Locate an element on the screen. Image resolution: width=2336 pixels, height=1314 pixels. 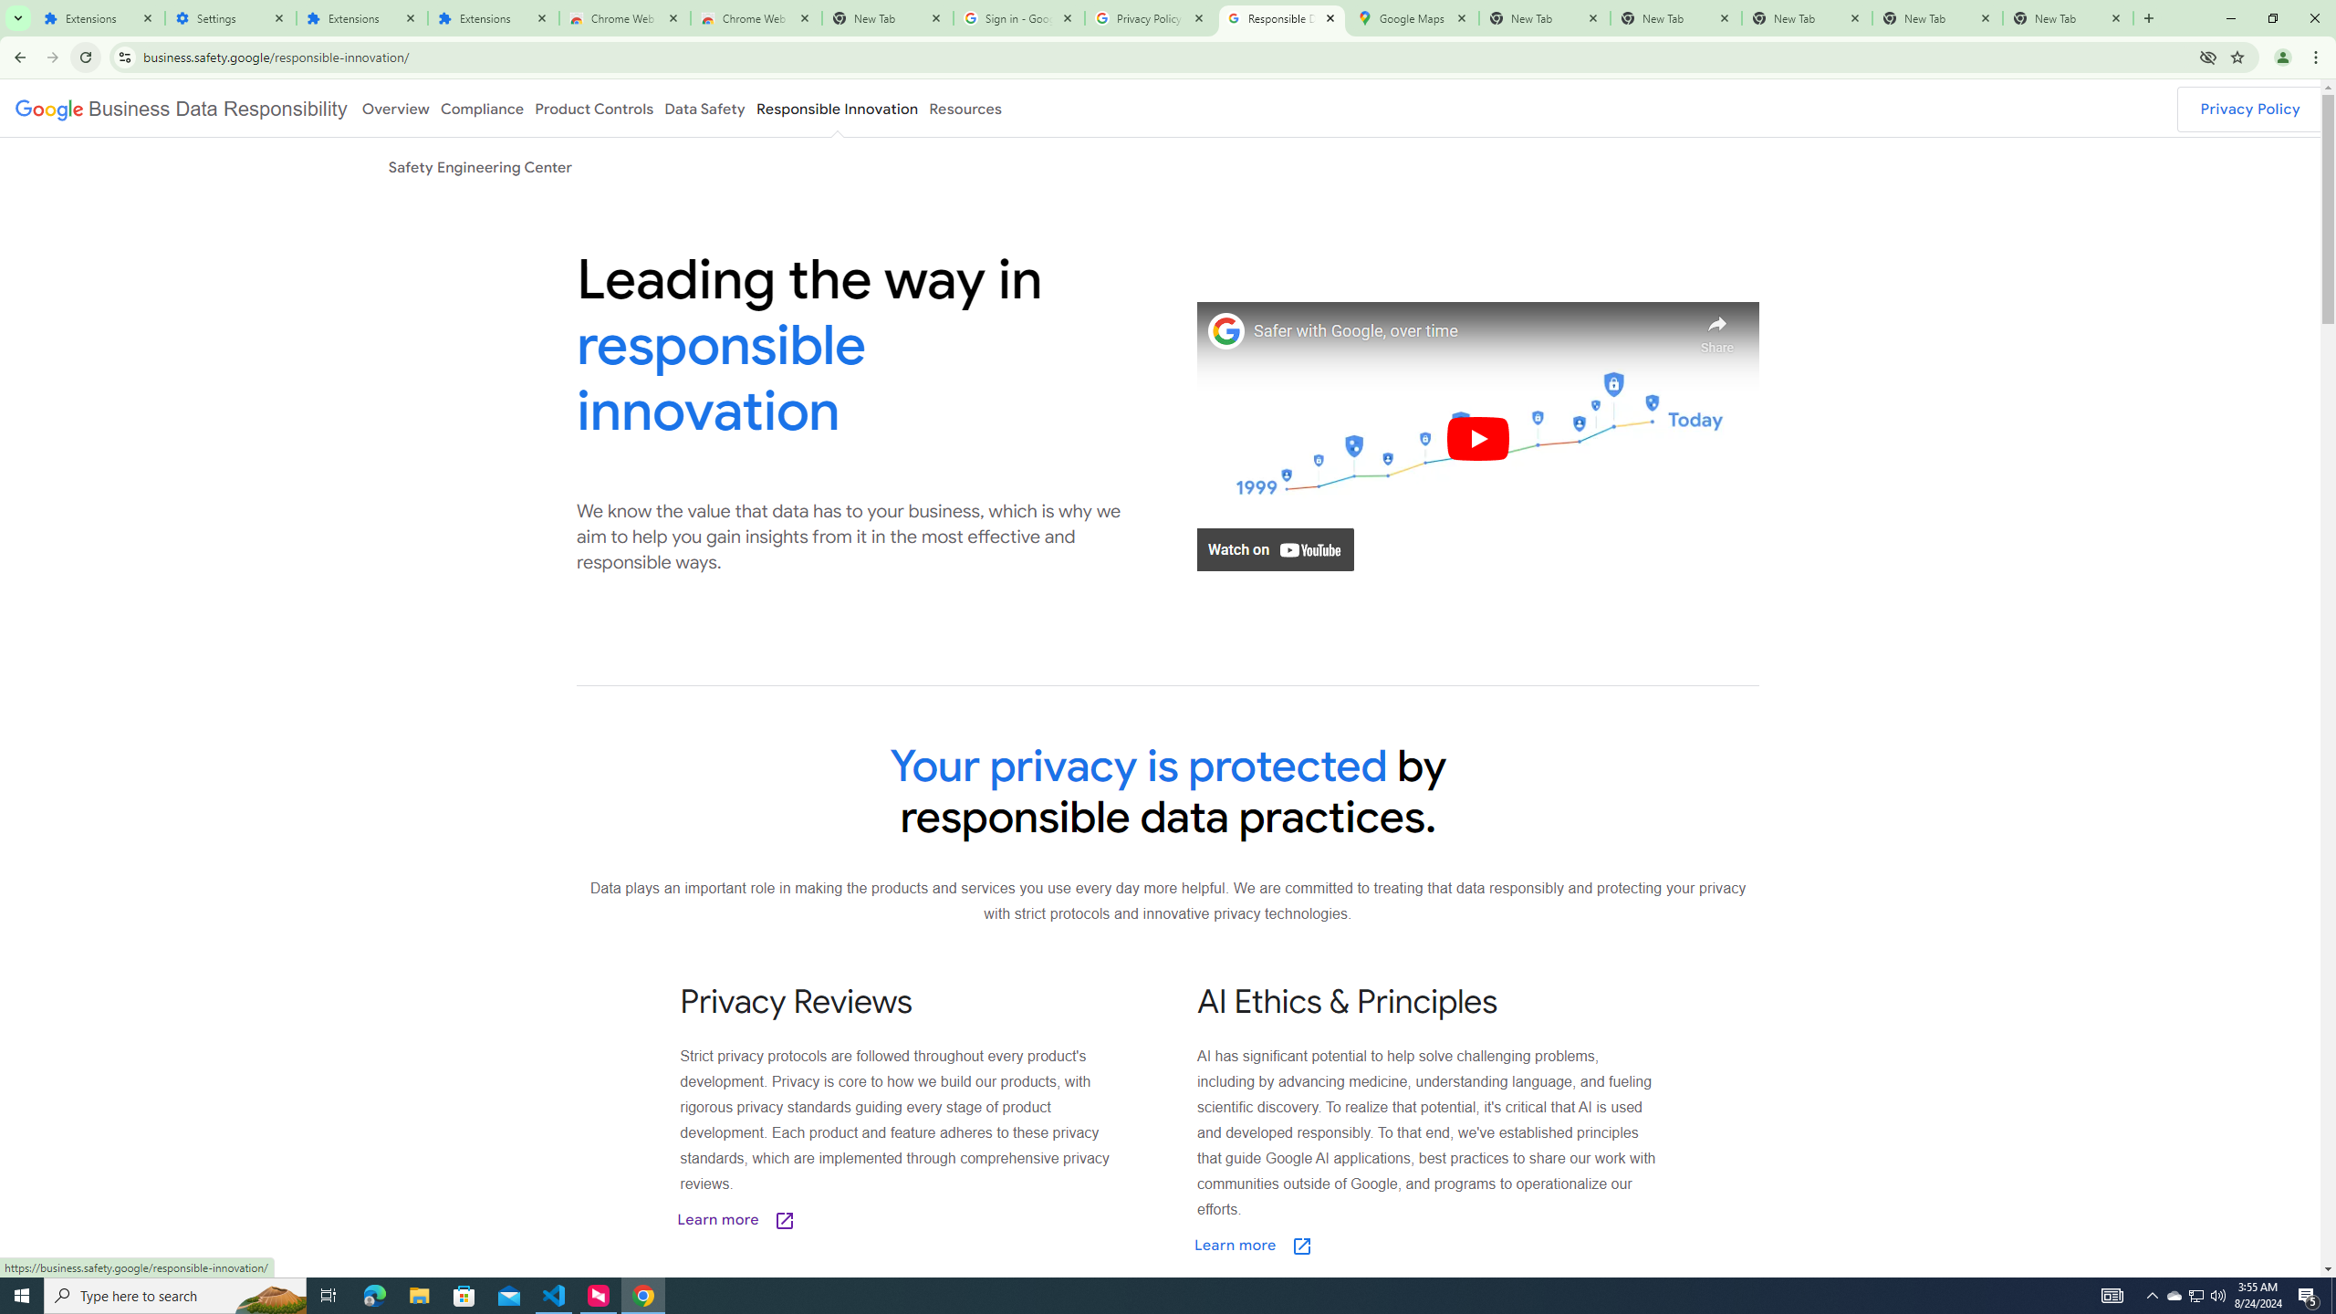
'Sign in - Google Accounts' is located at coordinates (1018, 17).